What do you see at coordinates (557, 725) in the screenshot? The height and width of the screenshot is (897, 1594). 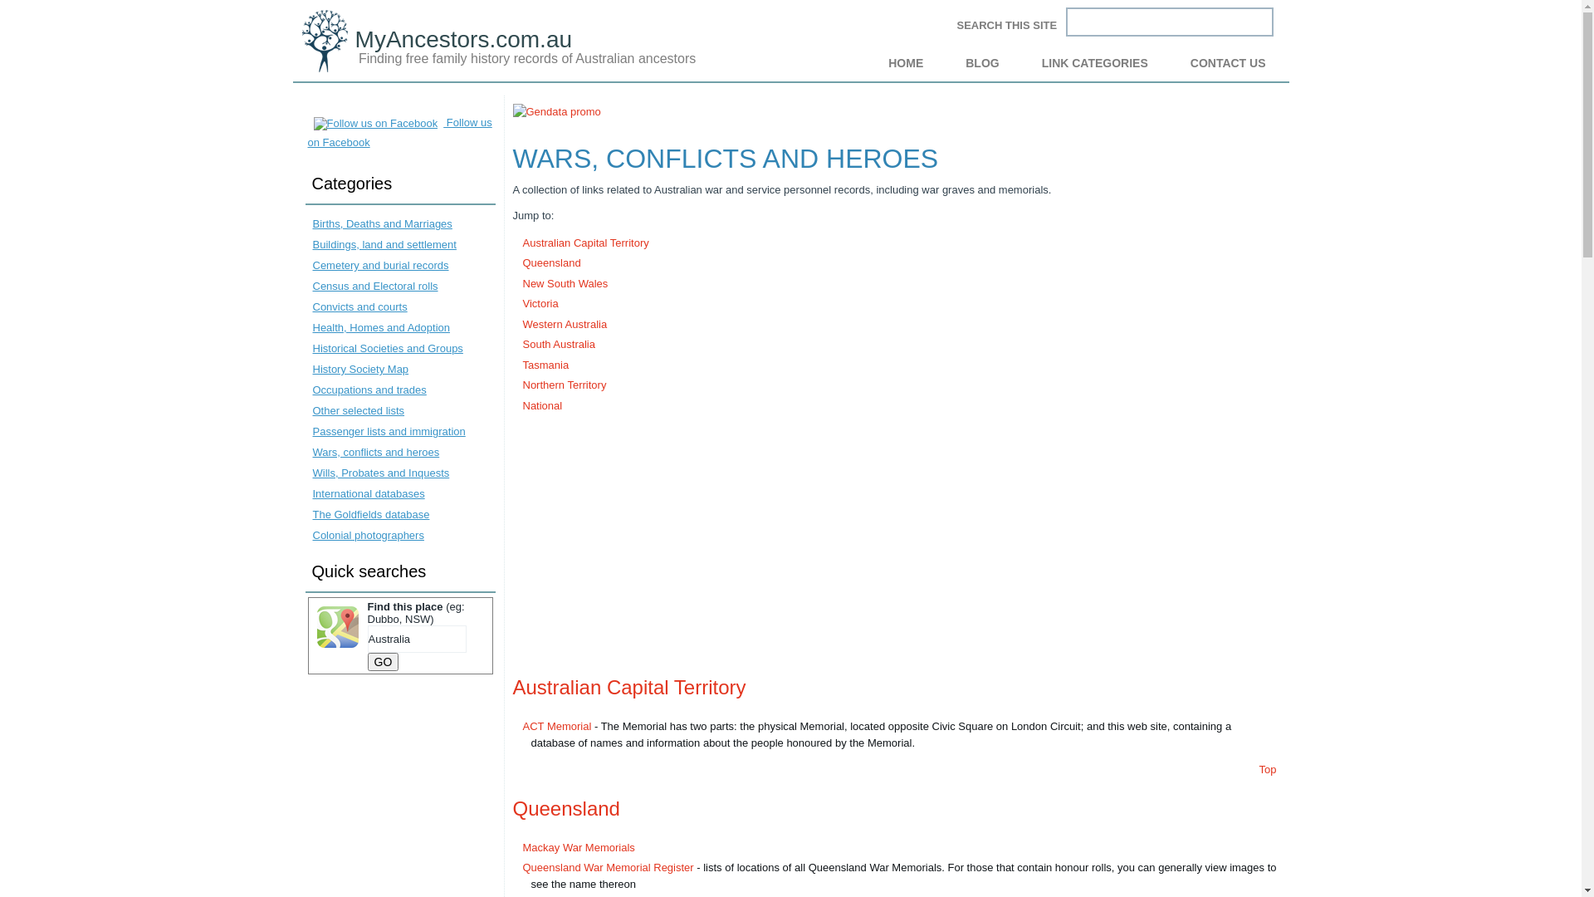 I see `'ACT Memorial'` at bounding box center [557, 725].